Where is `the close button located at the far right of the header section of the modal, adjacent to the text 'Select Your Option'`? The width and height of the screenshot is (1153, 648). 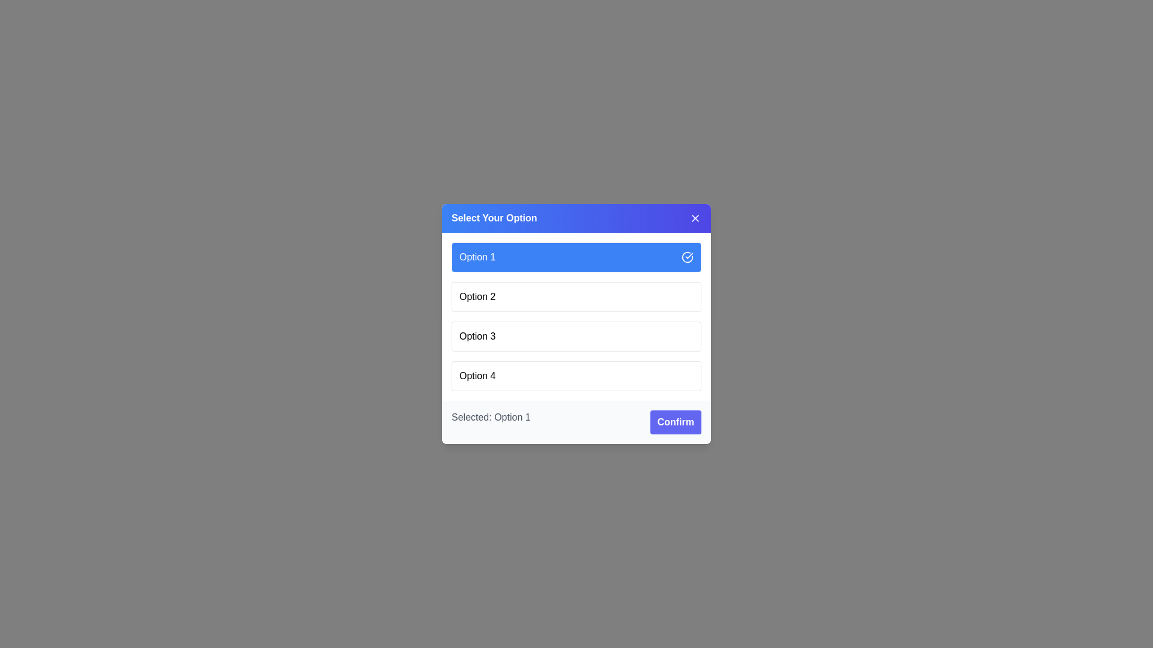 the close button located at the far right of the header section of the modal, adjacent to the text 'Select Your Option' is located at coordinates (695, 218).